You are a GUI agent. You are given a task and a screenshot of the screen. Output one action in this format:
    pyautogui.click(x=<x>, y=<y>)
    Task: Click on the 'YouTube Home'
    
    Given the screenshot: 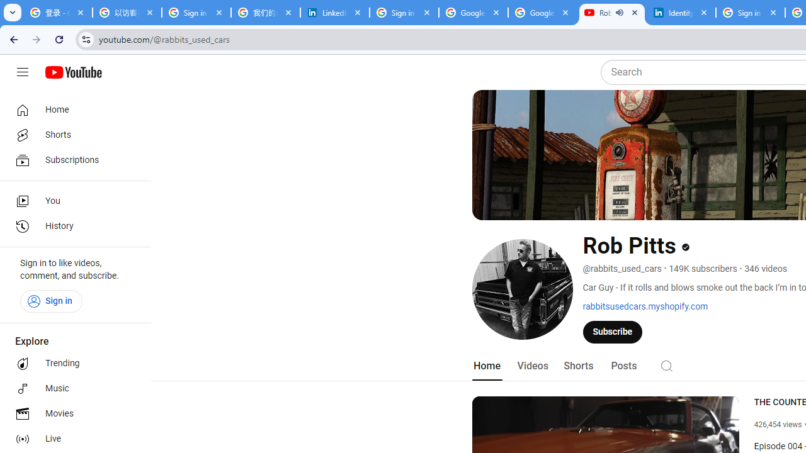 What is the action you would take?
    pyautogui.click(x=72, y=72)
    